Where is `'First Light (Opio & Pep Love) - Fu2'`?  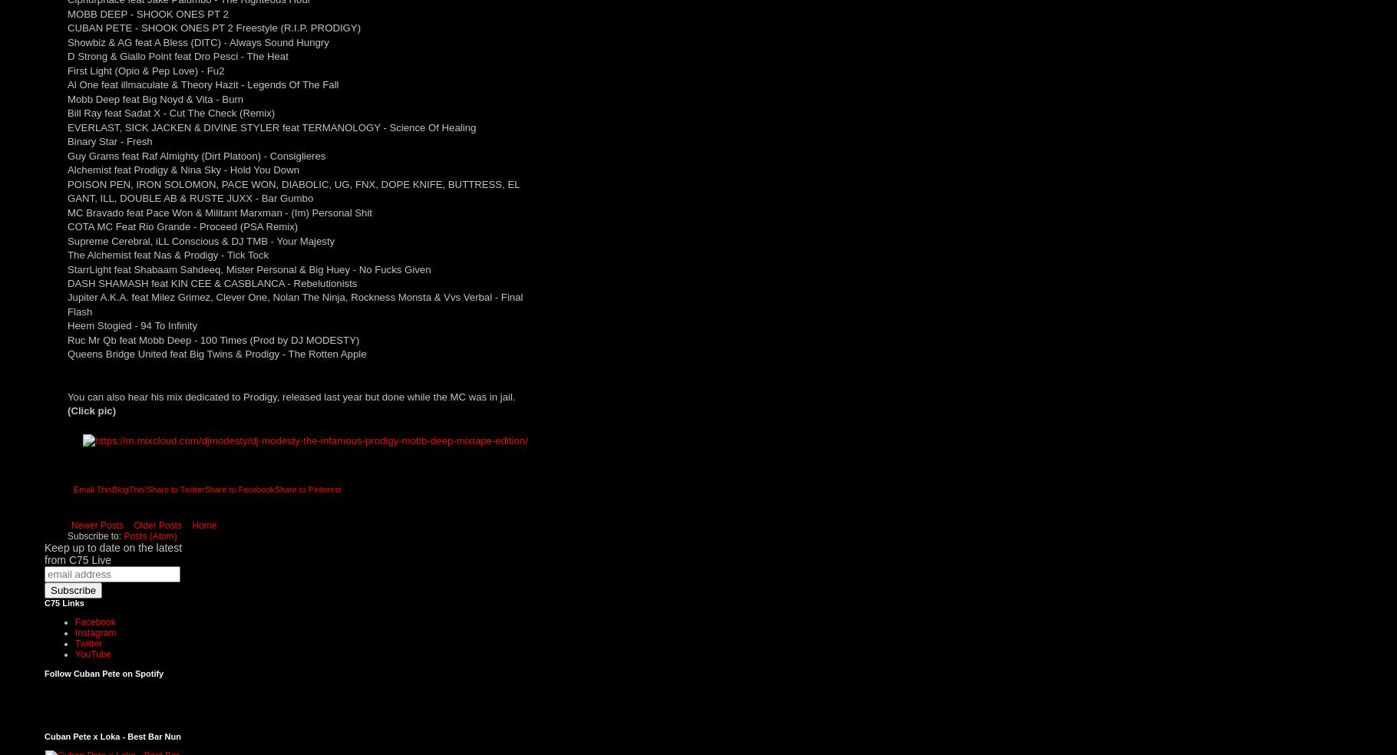 'First Light (Opio & Pep Love) - Fu2' is located at coordinates (146, 69).